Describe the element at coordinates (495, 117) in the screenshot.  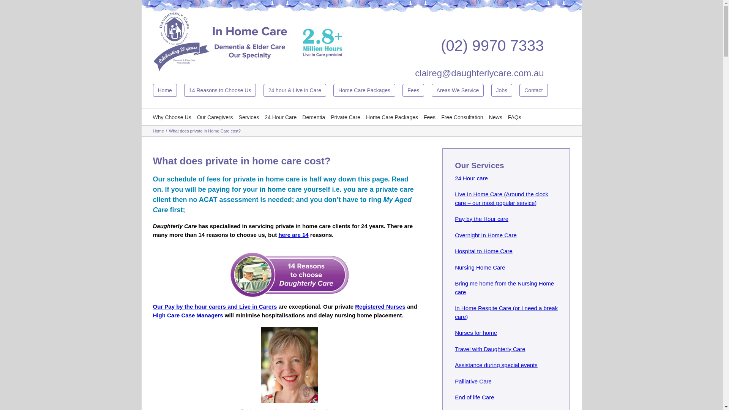
I see `'News'` at that location.